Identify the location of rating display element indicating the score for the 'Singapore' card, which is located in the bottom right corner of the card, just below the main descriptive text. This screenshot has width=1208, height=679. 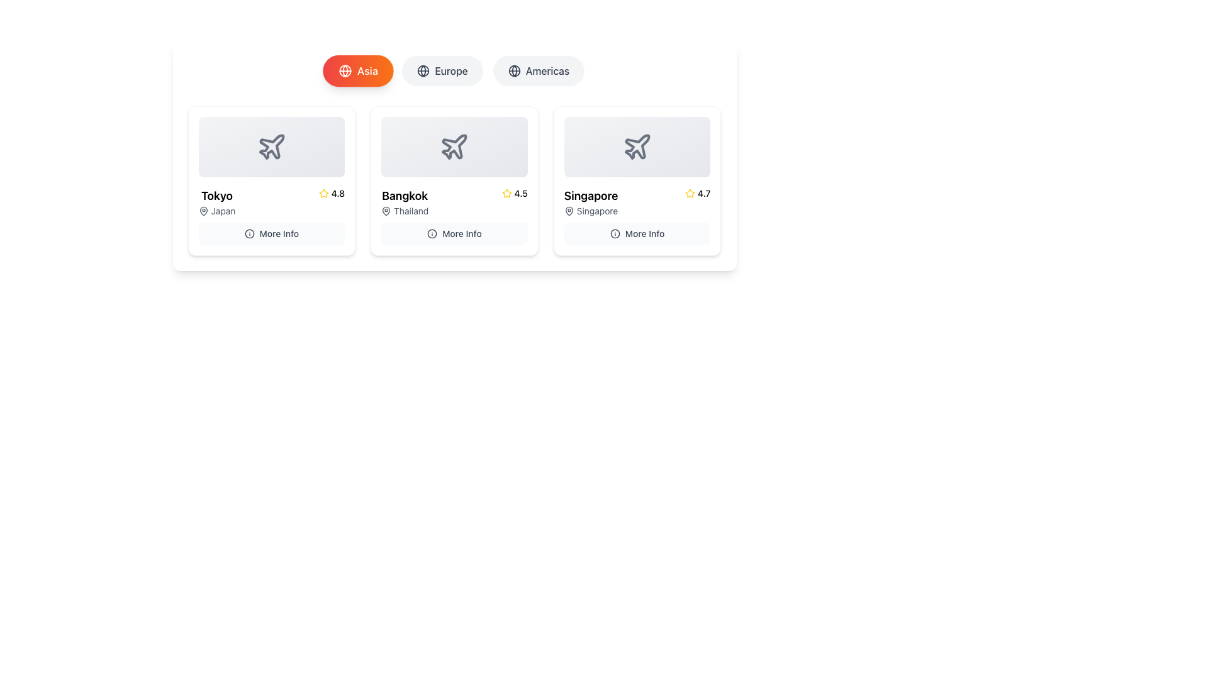
(697, 194).